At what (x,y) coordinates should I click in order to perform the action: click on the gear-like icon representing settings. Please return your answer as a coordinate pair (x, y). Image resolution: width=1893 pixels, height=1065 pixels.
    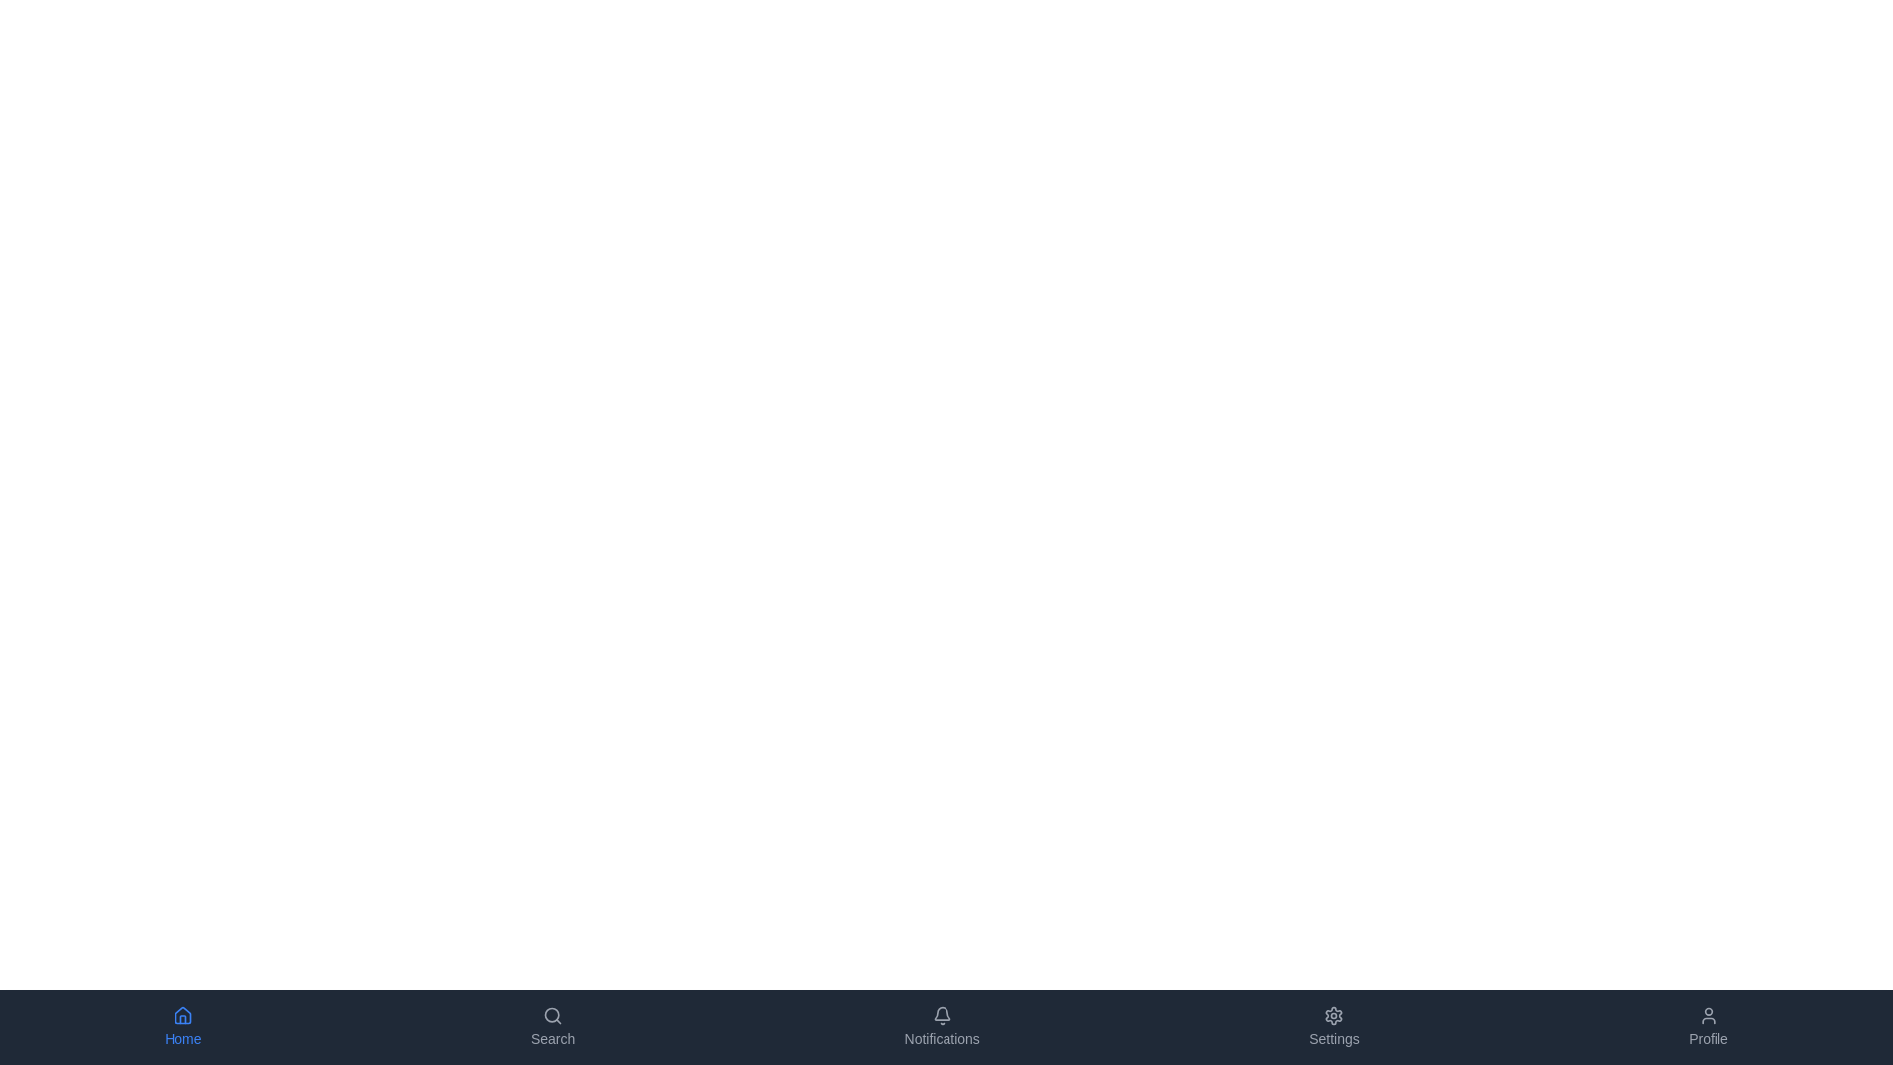
    Looking at the image, I should click on (1334, 1015).